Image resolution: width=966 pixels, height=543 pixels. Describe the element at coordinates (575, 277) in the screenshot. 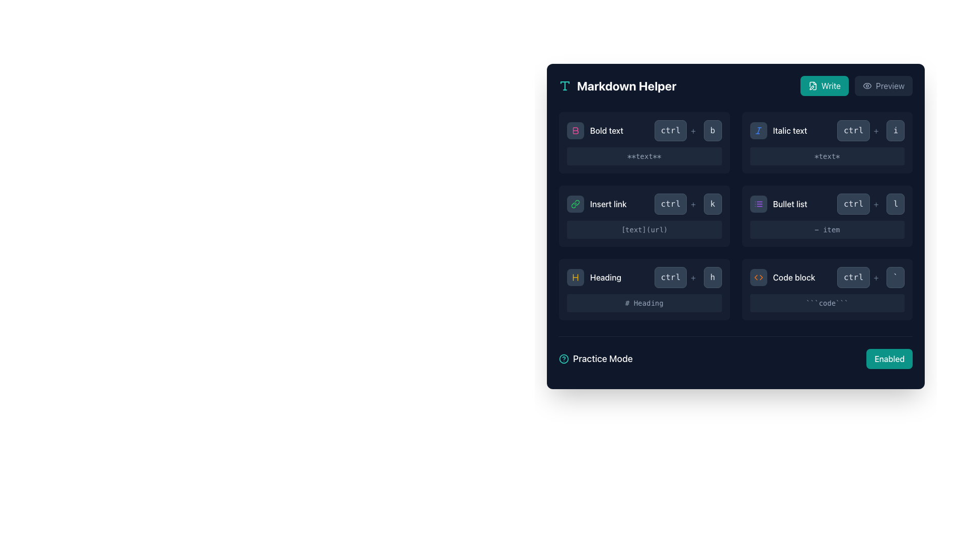

I see `the rectangular button with a dark slate-colored background and a yellow 'H' icon to apply heading formatting in the 'Markdown Helper' section` at that location.